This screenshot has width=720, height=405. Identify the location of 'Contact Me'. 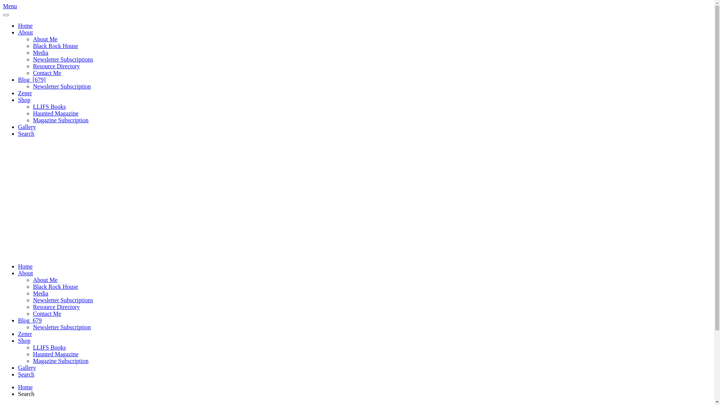
(46, 313).